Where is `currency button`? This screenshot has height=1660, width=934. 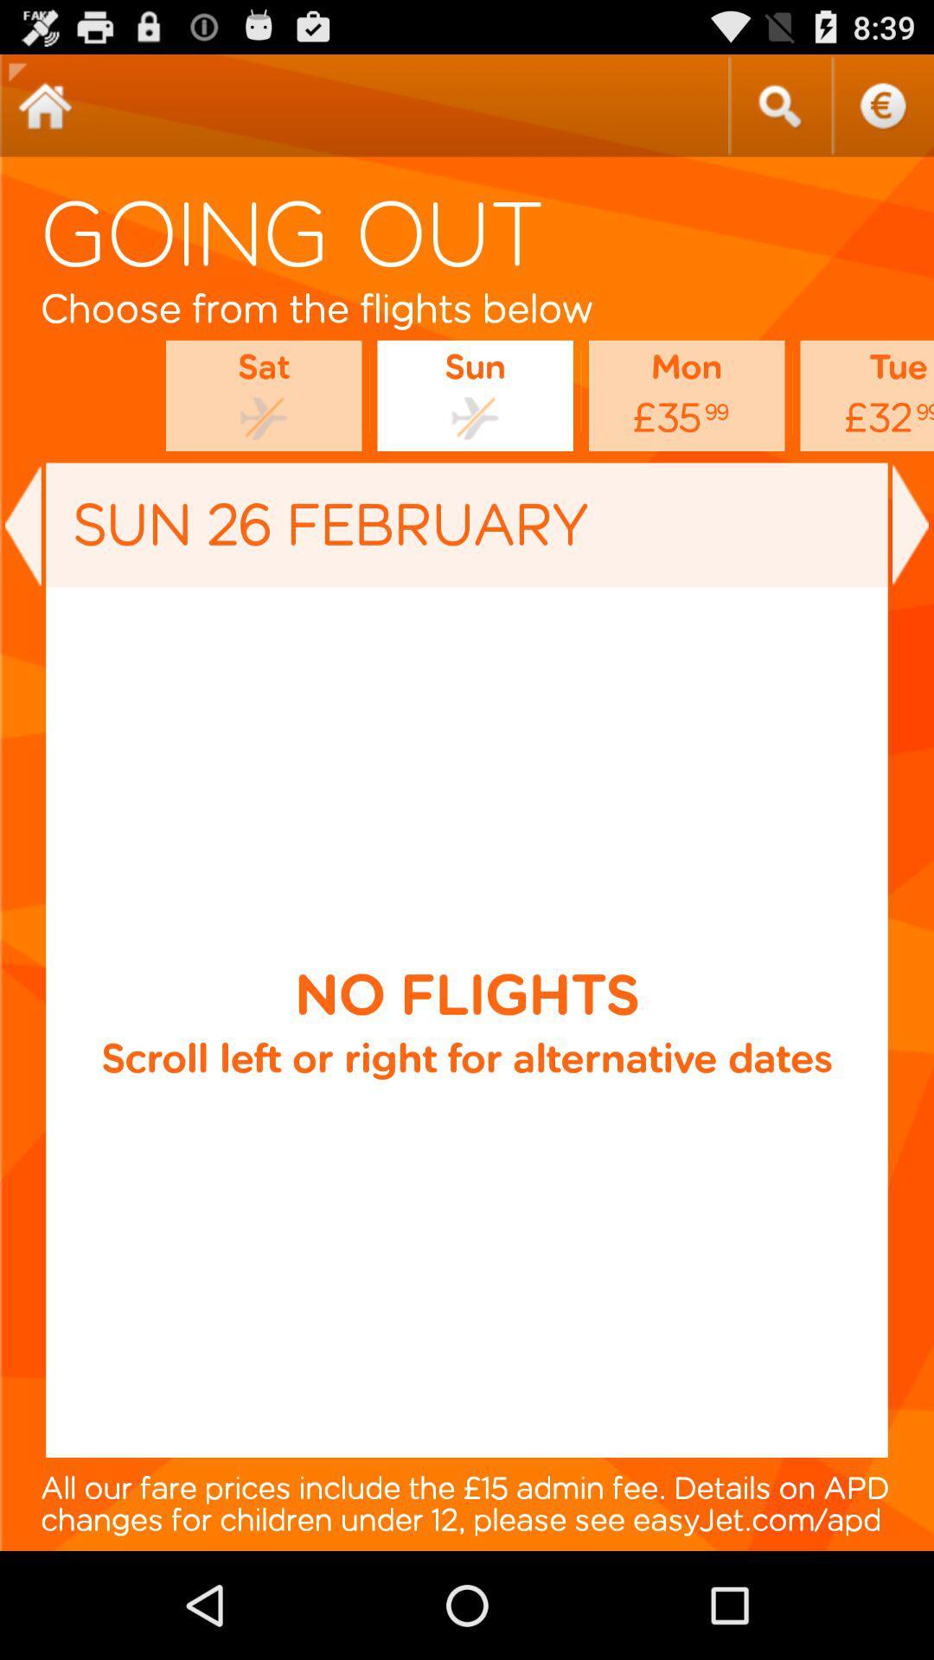 currency button is located at coordinates (882, 105).